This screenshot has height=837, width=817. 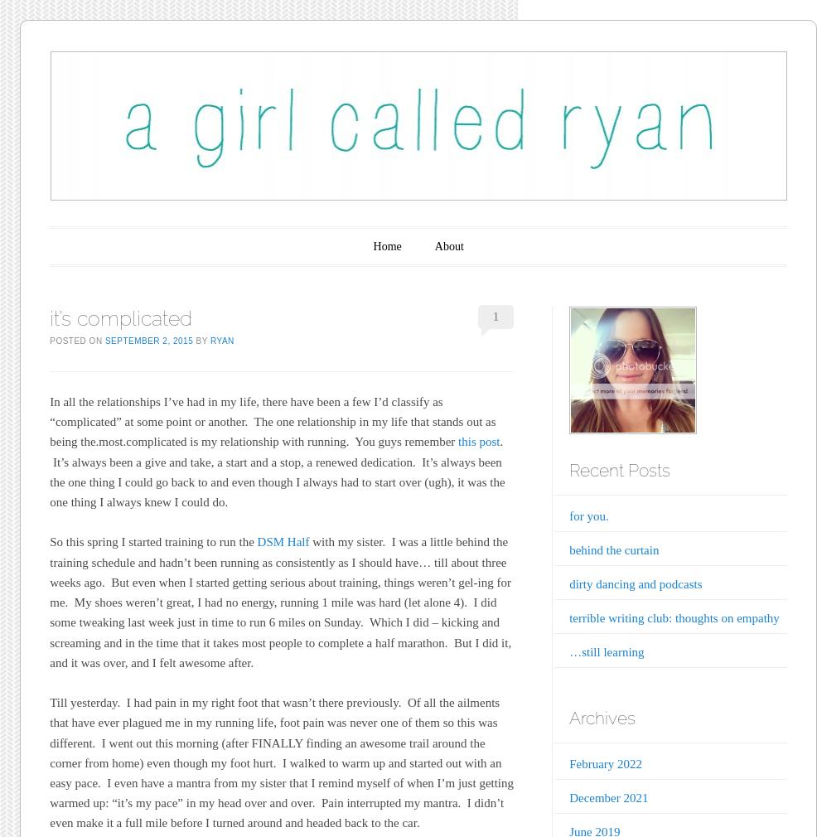 What do you see at coordinates (613, 548) in the screenshot?
I see `'behind the curtain'` at bounding box center [613, 548].